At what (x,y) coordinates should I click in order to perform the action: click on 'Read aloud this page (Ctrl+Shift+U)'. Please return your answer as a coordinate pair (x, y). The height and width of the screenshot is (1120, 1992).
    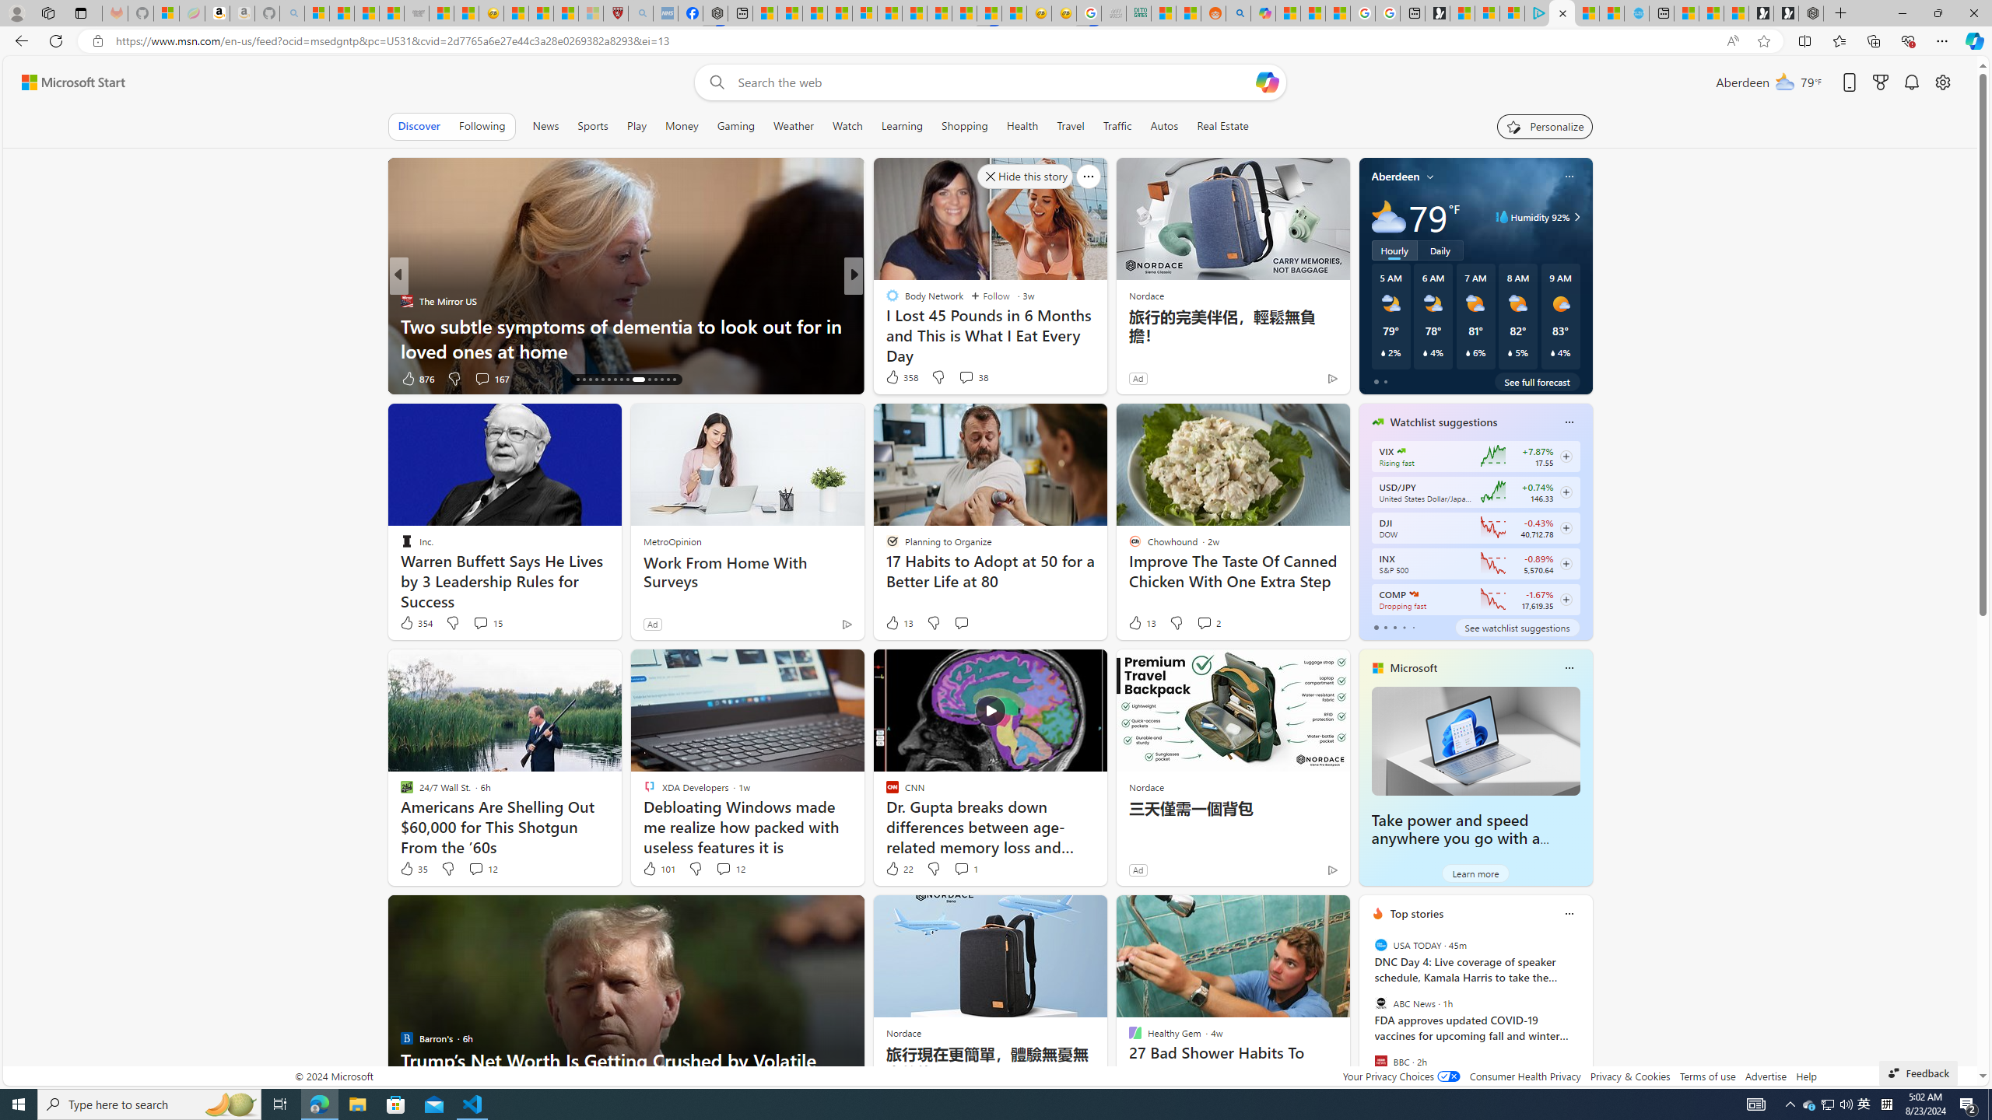
    Looking at the image, I should click on (1732, 41).